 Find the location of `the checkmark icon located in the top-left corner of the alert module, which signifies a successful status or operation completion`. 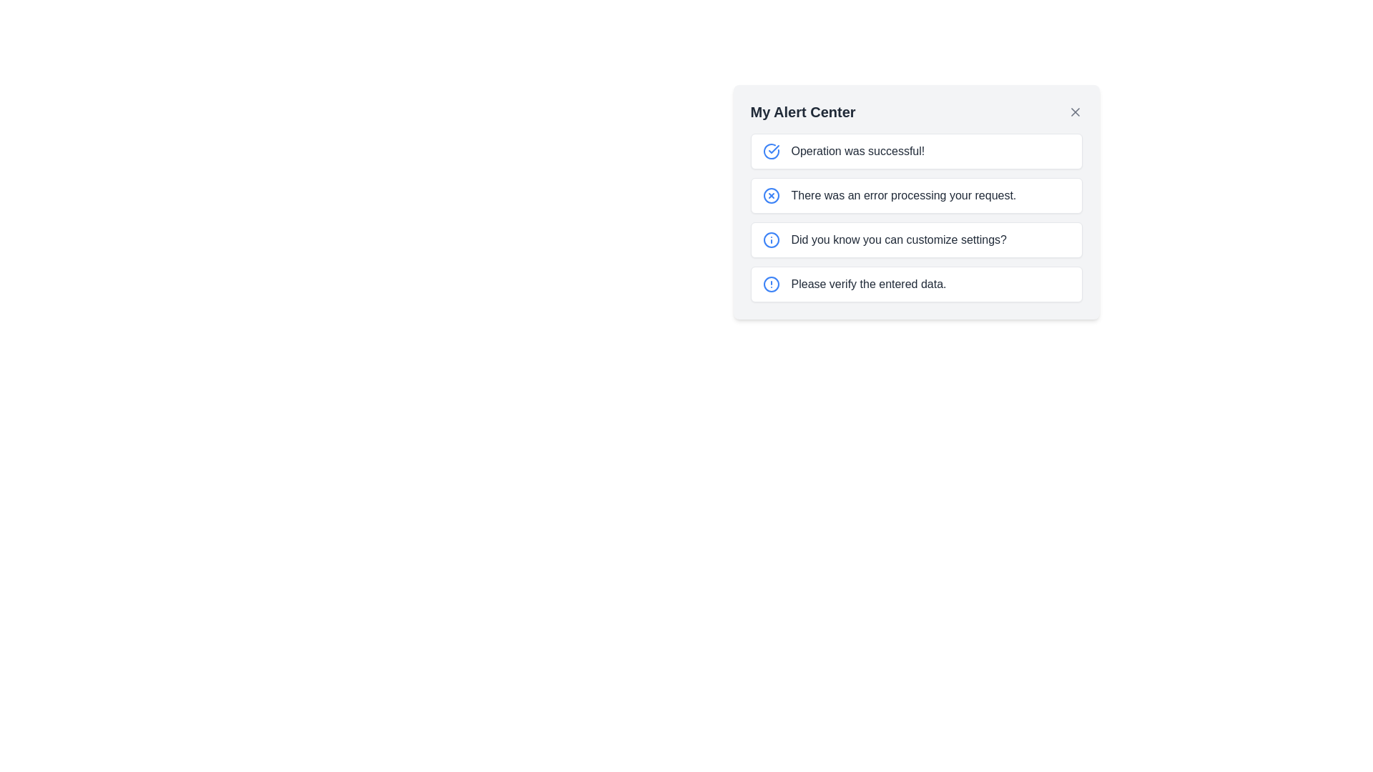

the checkmark icon located in the top-left corner of the alert module, which signifies a successful status or operation completion is located at coordinates (772, 149).